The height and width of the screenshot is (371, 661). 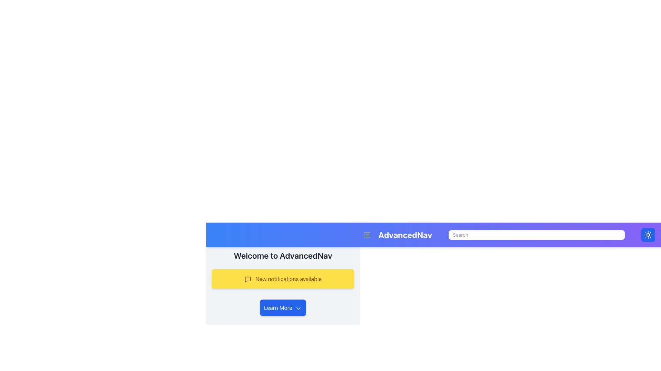 I want to click on the notification message text saying 'New notifications available,' which has a yellow background and dark yellow text, located above the 'Learn More' button, so click(x=283, y=279).